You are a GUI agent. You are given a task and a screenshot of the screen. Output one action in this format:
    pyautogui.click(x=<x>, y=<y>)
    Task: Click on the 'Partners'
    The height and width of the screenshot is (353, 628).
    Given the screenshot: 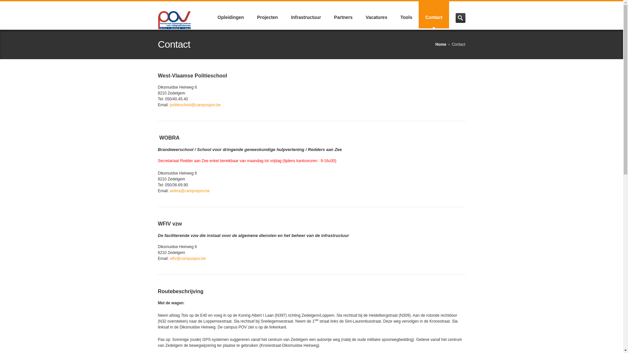 What is the action you would take?
    pyautogui.click(x=343, y=15)
    